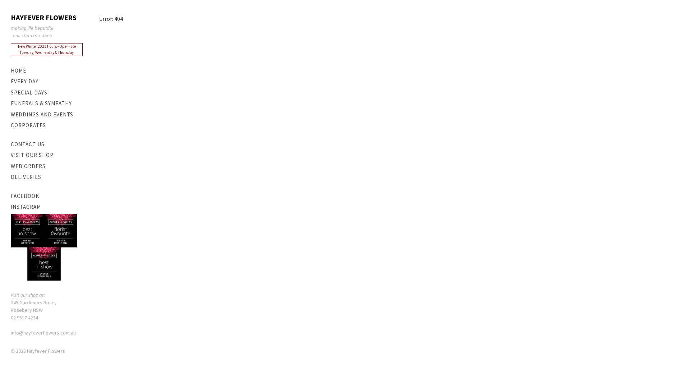 The height and width of the screenshot is (388, 690). Describe the element at coordinates (46, 103) in the screenshot. I see `'FUNERALS & SYMPATHY'` at that location.